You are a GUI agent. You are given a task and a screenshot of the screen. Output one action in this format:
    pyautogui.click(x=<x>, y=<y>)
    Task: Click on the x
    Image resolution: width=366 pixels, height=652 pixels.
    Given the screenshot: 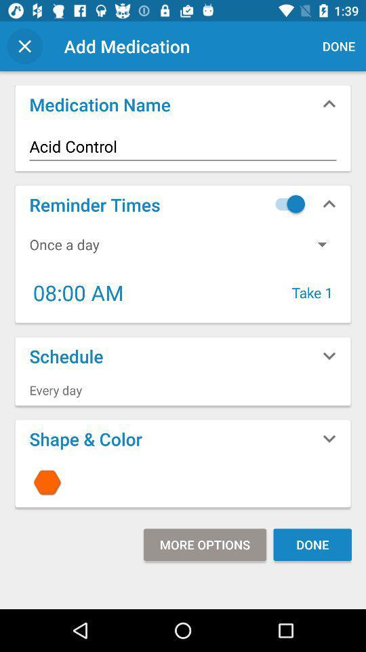 What is the action you would take?
    pyautogui.click(x=24, y=46)
    